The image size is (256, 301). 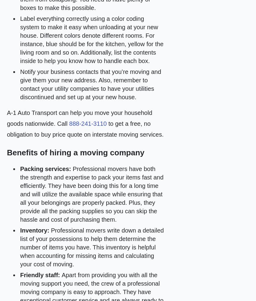 I want to click on '888-241-3110', so click(x=87, y=123).